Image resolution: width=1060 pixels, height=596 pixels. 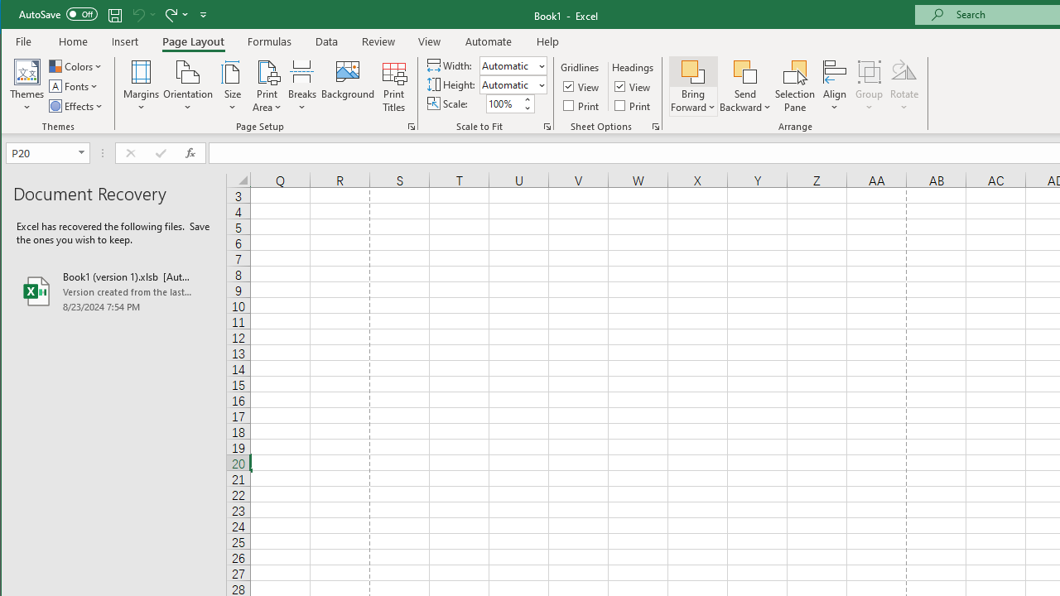 I want to click on 'Height', so click(x=512, y=84).